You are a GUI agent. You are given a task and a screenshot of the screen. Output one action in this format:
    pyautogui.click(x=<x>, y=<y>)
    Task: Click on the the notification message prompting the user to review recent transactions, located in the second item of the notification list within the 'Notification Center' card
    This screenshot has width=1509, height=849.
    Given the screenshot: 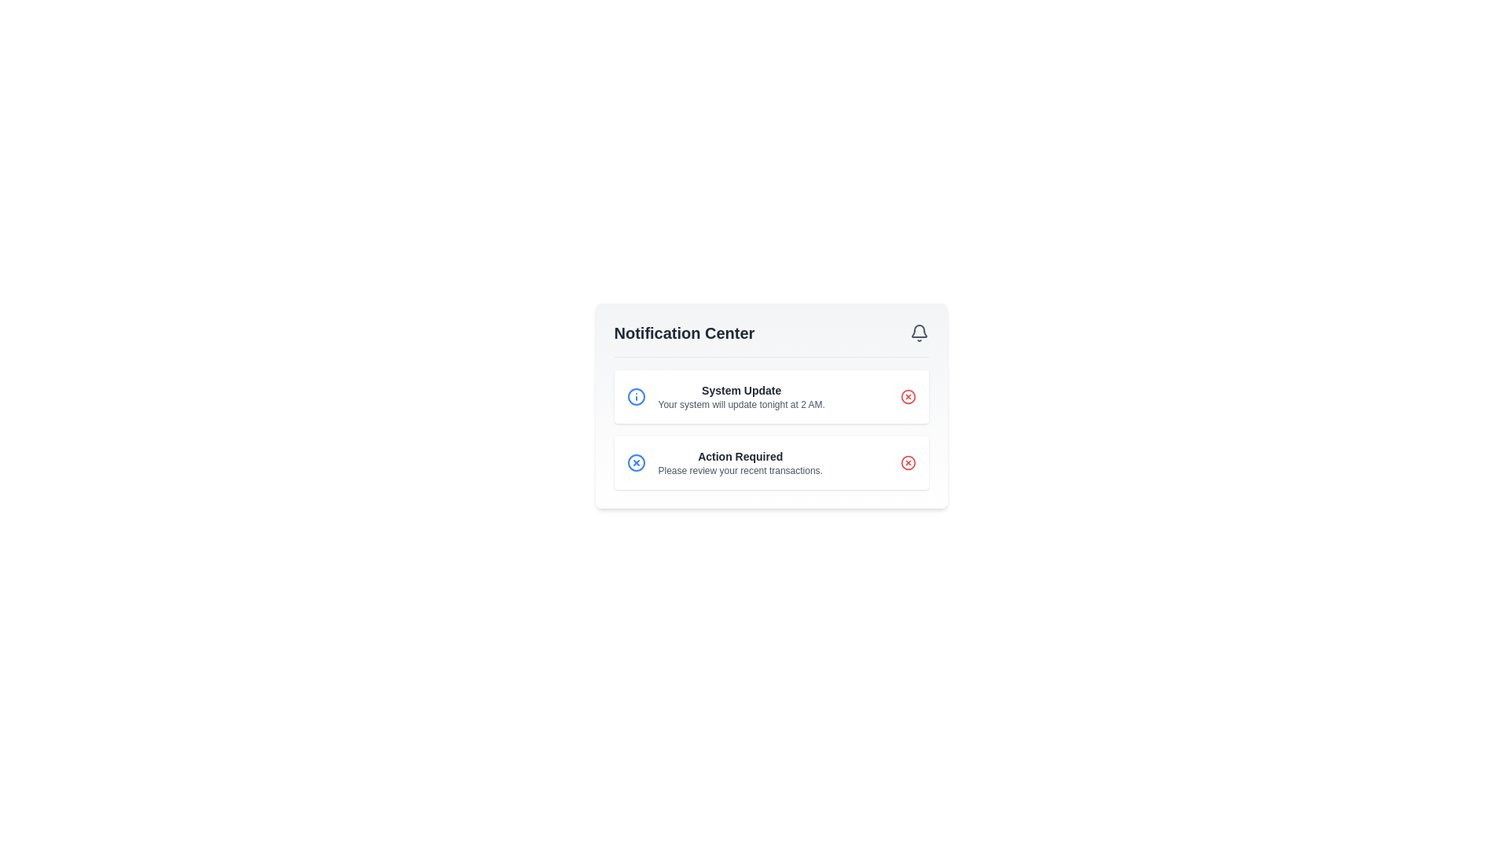 What is the action you would take?
    pyautogui.click(x=740, y=462)
    